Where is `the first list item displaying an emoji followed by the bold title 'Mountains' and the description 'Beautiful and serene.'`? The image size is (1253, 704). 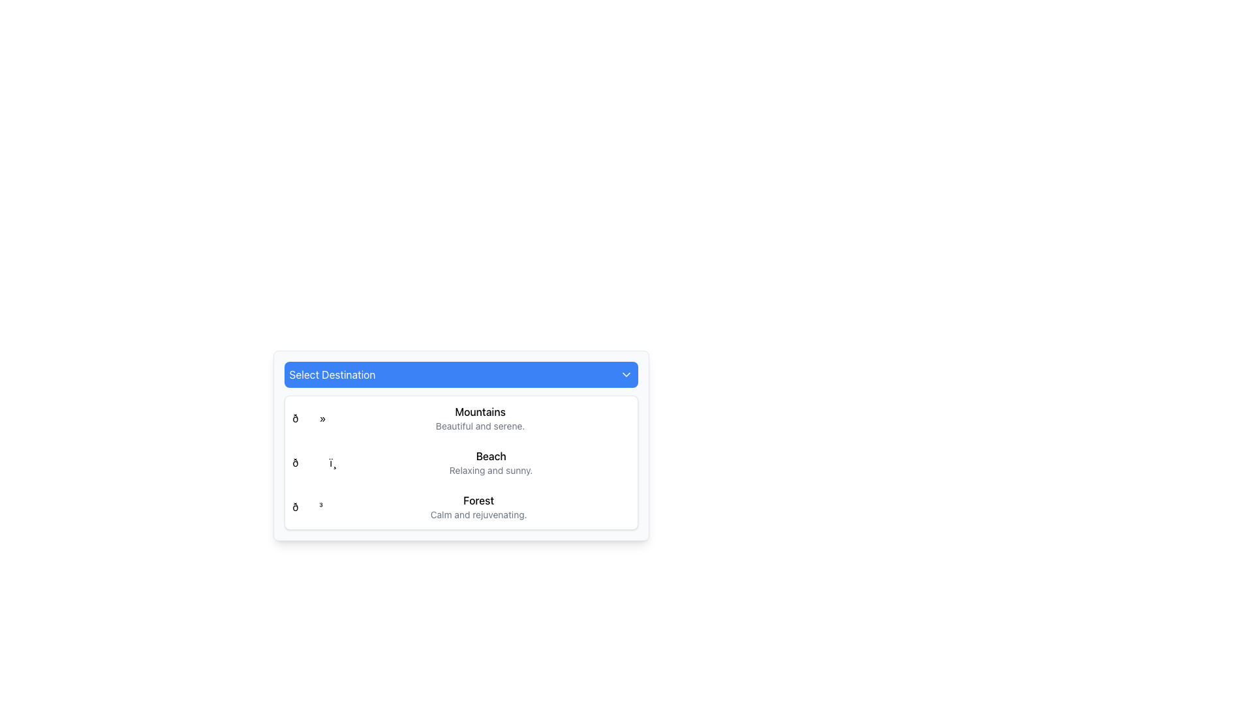 the first list item displaying an emoji followed by the bold title 'Mountains' and the description 'Beautiful and serene.' is located at coordinates (461, 418).